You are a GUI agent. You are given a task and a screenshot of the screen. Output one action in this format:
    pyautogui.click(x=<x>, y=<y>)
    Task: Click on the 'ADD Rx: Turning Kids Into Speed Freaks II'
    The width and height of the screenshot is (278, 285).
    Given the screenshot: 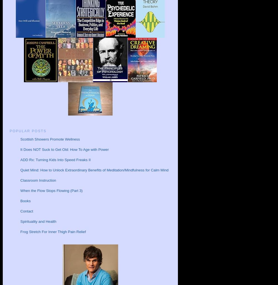 What is the action you would take?
    pyautogui.click(x=55, y=159)
    